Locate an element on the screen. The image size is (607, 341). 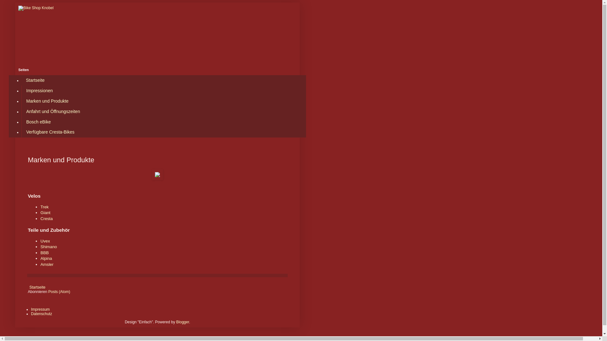
'Impressionen' is located at coordinates (39, 91).